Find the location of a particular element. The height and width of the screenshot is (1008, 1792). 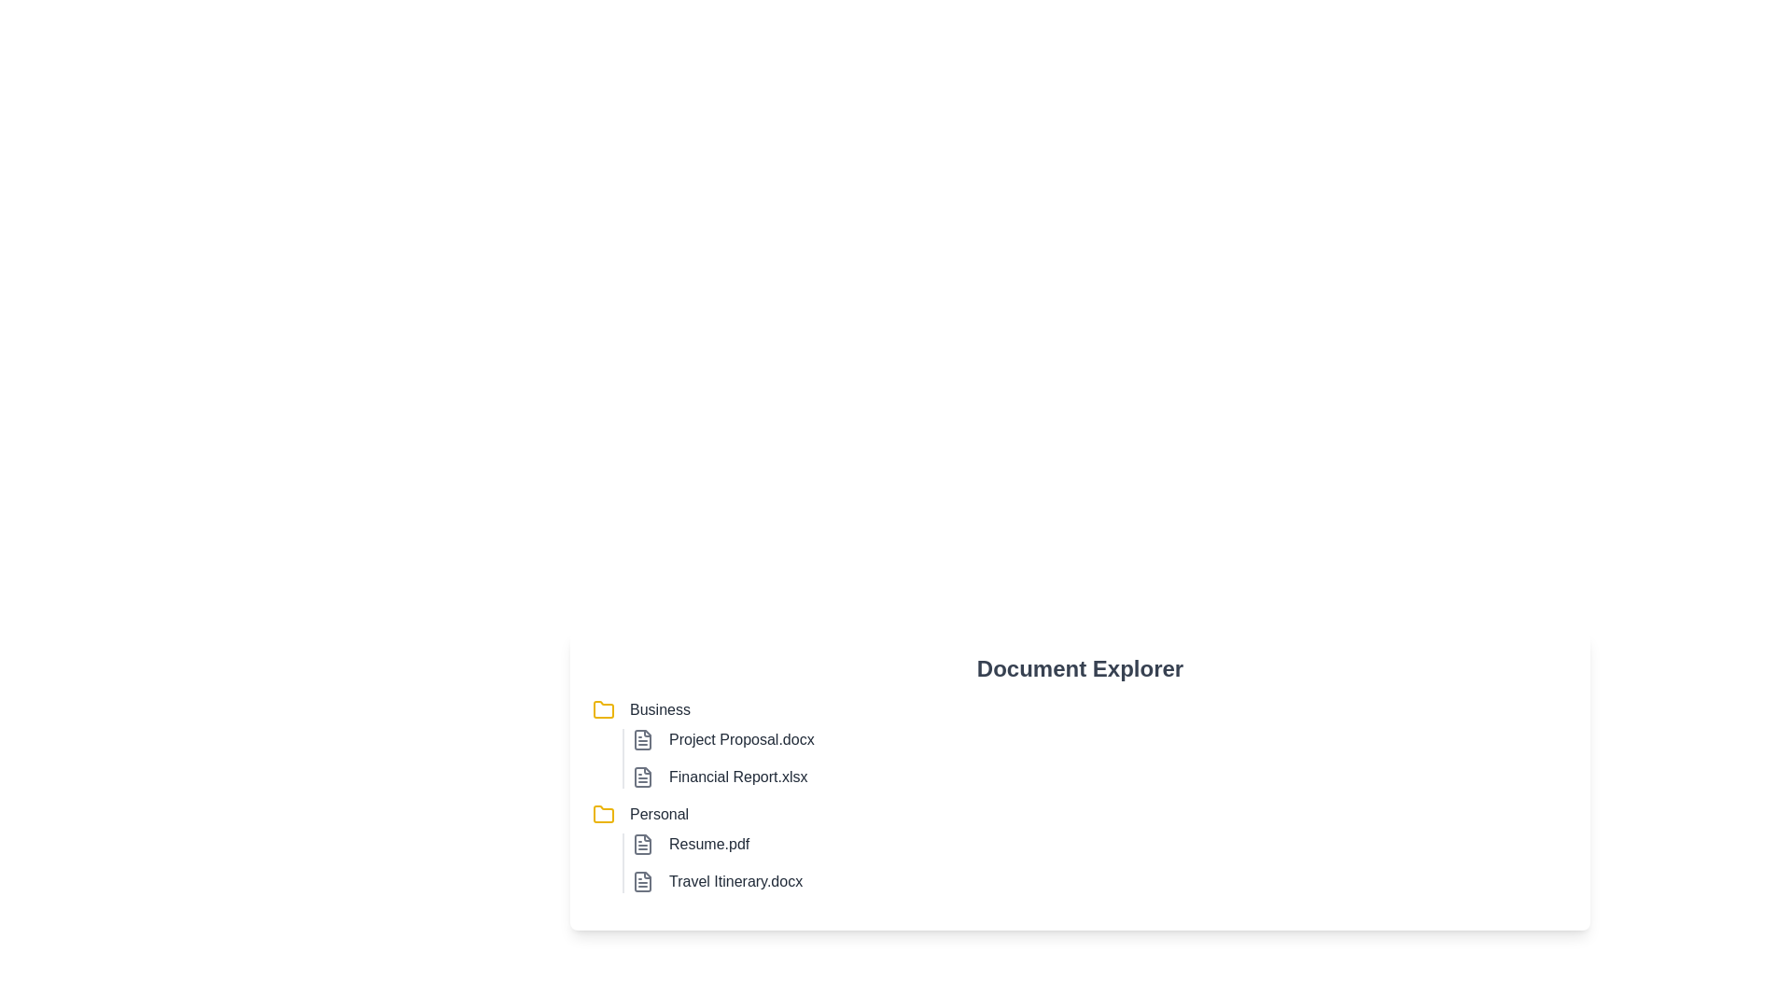

text 'Business' from the text label in the document explorer interface, which is the third element in a horizontal alignment of three elements is located at coordinates (660, 709).